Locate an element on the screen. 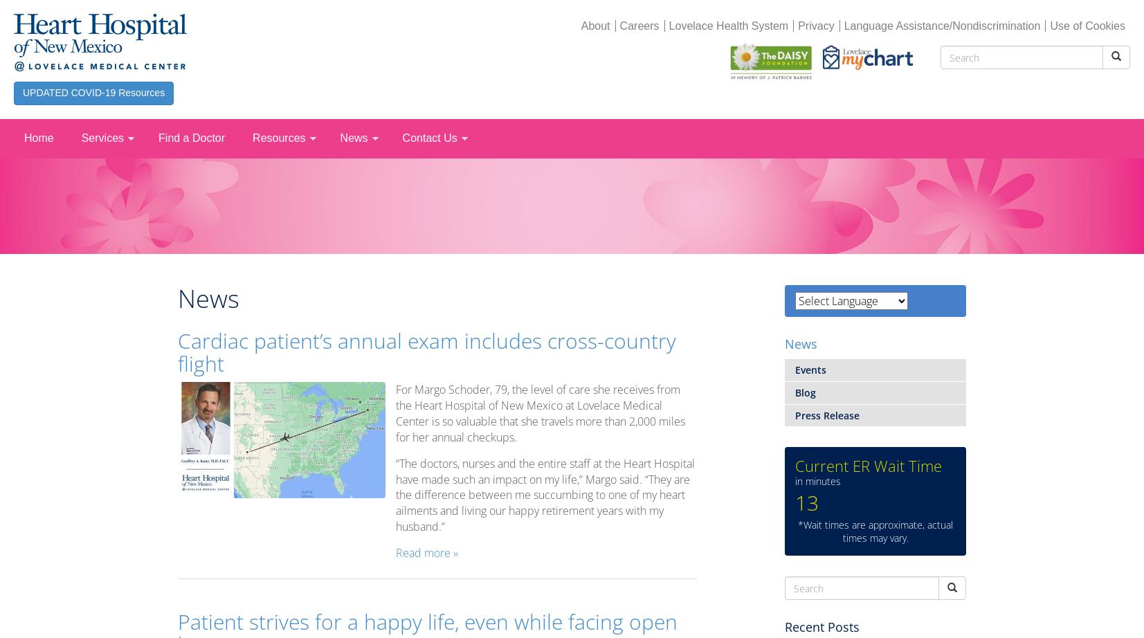 Image resolution: width=1144 pixels, height=638 pixels. 'Language Assistance/Nondiscrimination' is located at coordinates (843, 26).